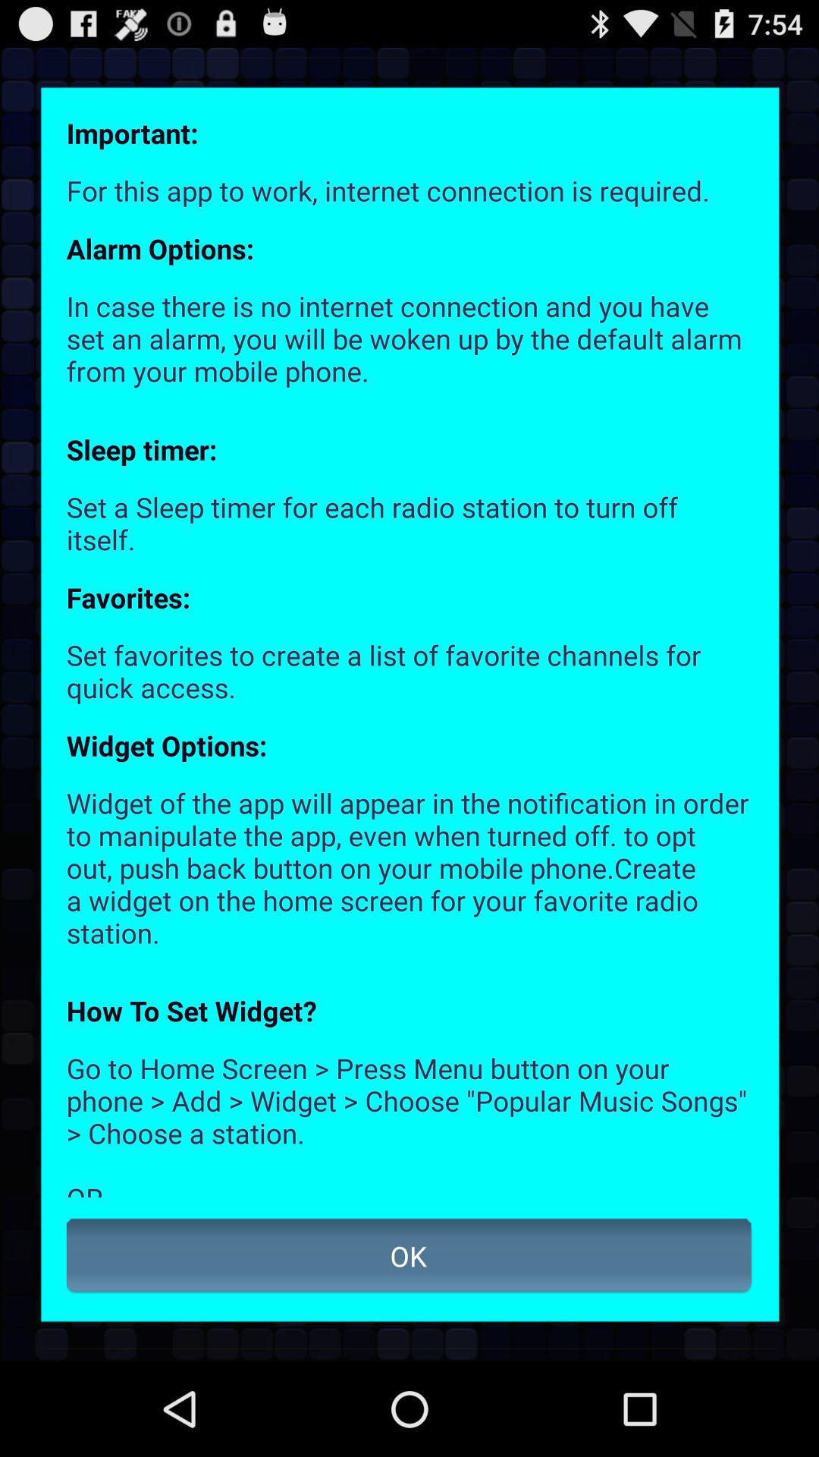  I want to click on the ok item, so click(409, 1256).